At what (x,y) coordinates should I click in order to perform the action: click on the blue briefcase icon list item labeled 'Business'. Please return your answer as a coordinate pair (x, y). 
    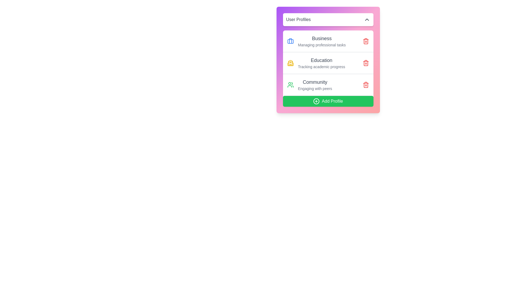
    Looking at the image, I should click on (316, 41).